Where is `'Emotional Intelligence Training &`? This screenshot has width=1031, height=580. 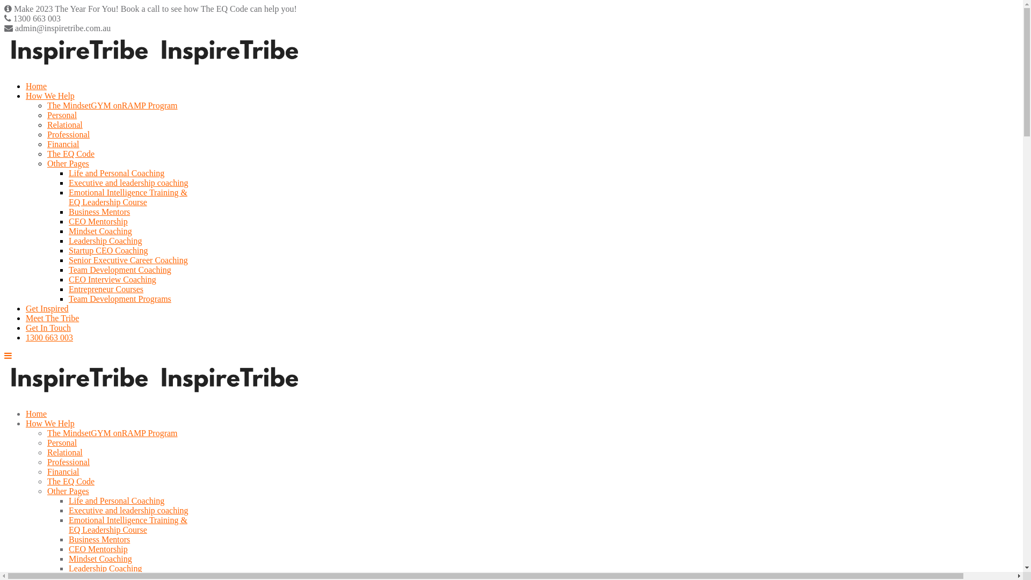
'Emotional Intelligence Training & is located at coordinates (128, 524).